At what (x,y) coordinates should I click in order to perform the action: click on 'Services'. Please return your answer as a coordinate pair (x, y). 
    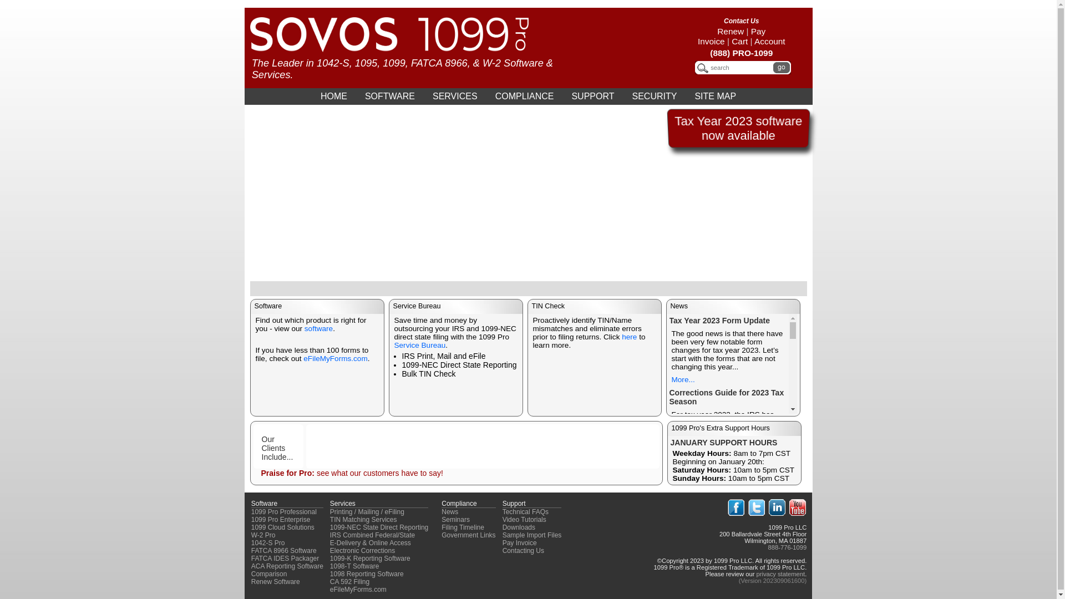
    Looking at the image, I should click on (342, 503).